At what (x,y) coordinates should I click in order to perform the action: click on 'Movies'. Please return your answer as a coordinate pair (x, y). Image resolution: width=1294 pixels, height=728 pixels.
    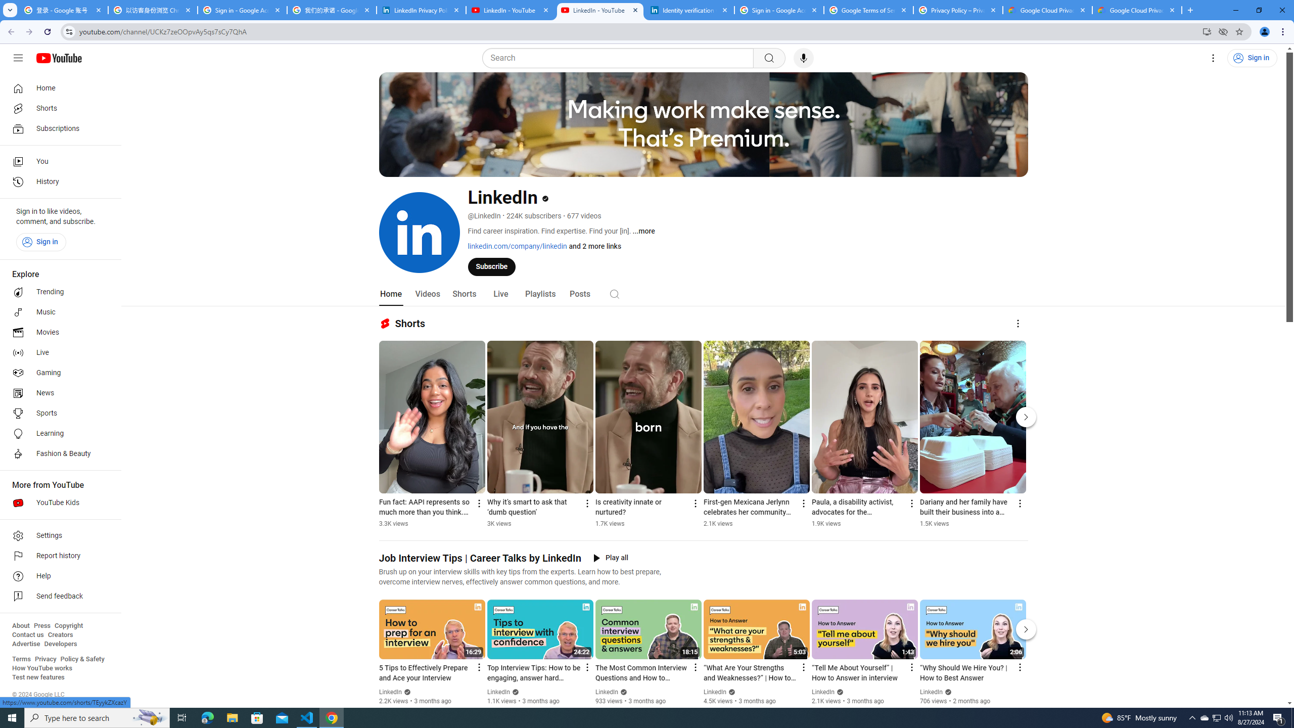
    Looking at the image, I should click on (57, 333).